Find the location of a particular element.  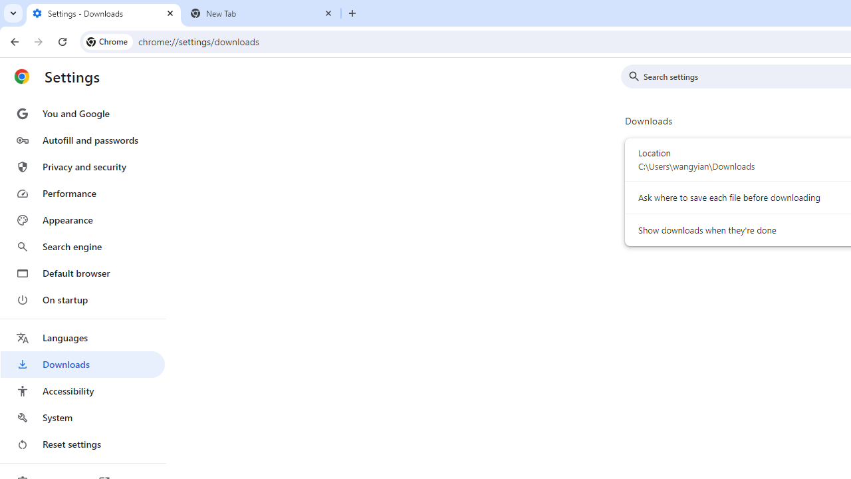

'On startup' is located at coordinates (82, 300).